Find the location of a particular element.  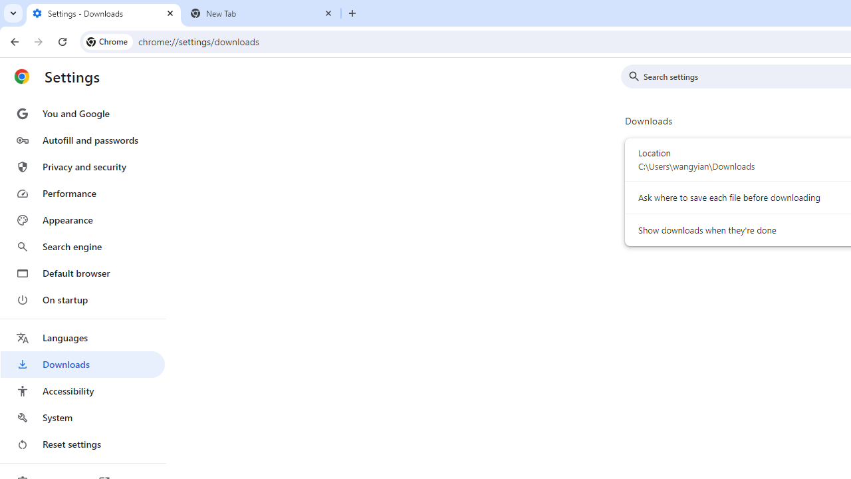

'On startup' is located at coordinates (82, 300).